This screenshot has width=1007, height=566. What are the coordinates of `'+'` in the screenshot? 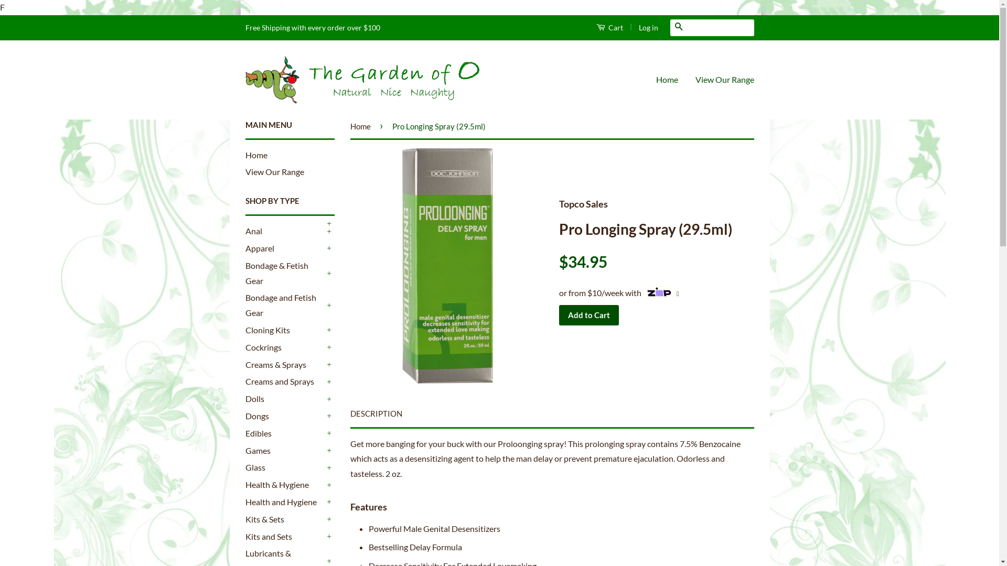 It's located at (329, 273).